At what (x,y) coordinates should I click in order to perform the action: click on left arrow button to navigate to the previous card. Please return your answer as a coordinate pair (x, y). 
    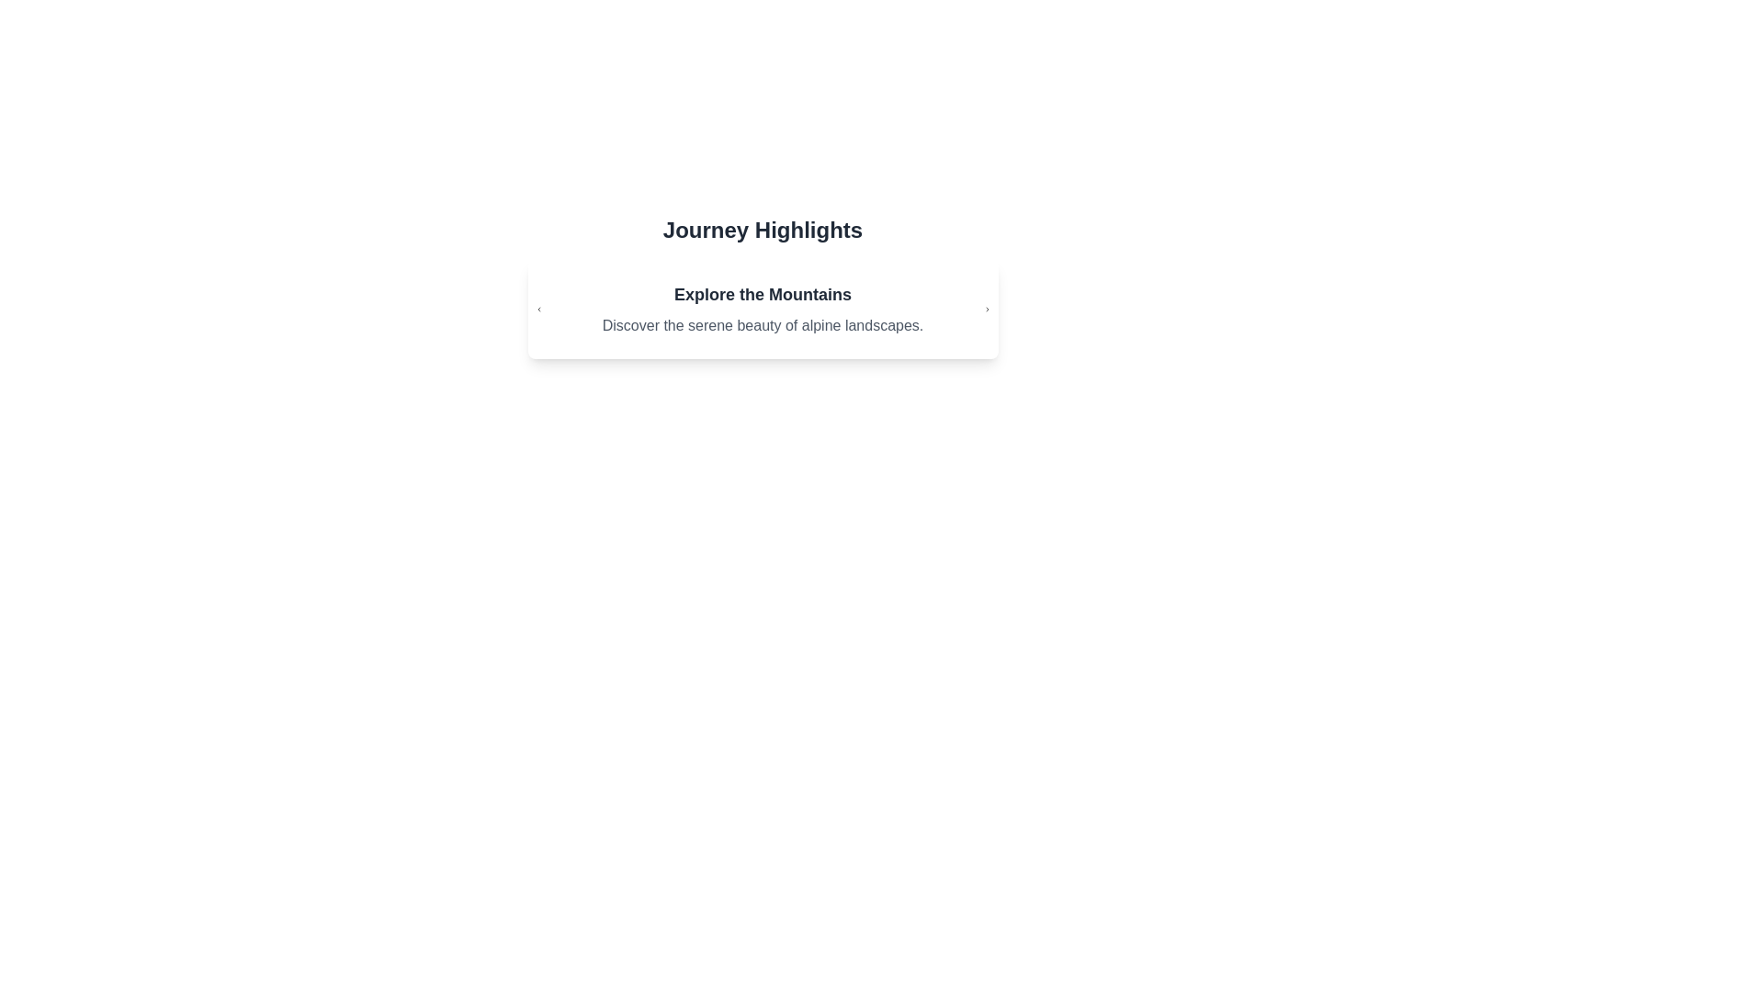
    Looking at the image, I should click on (537, 308).